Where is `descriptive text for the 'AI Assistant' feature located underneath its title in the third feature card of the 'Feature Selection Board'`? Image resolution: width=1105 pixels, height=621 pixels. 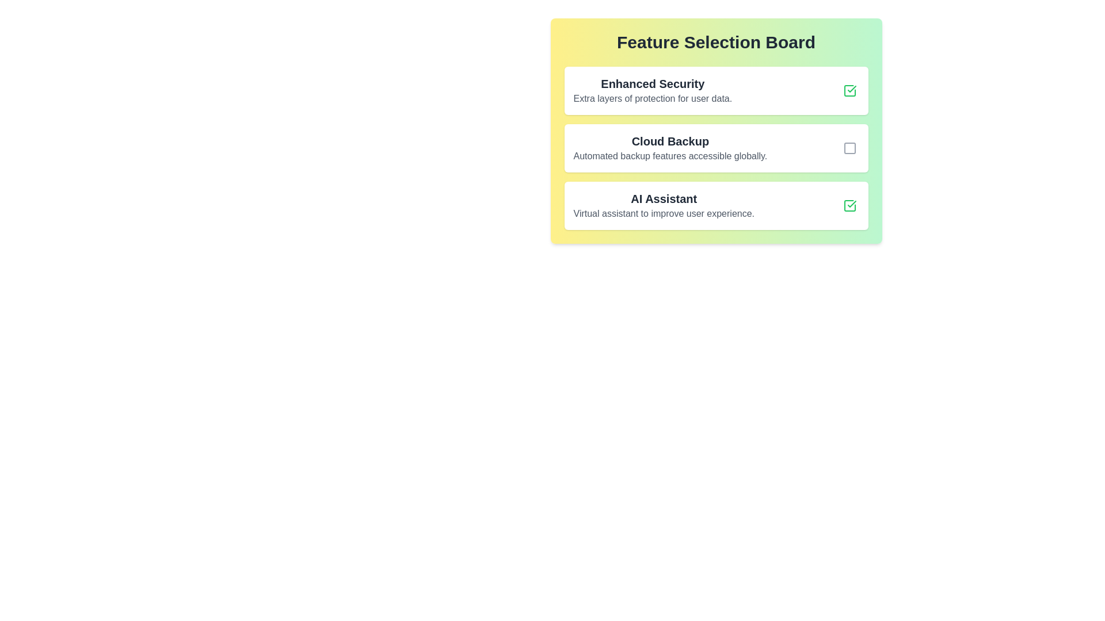
descriptive text for the 'AI Assistant' feature located underneath its title in the third feature card of the 'Feature Selection Board' is located at coordinates (664, 213).